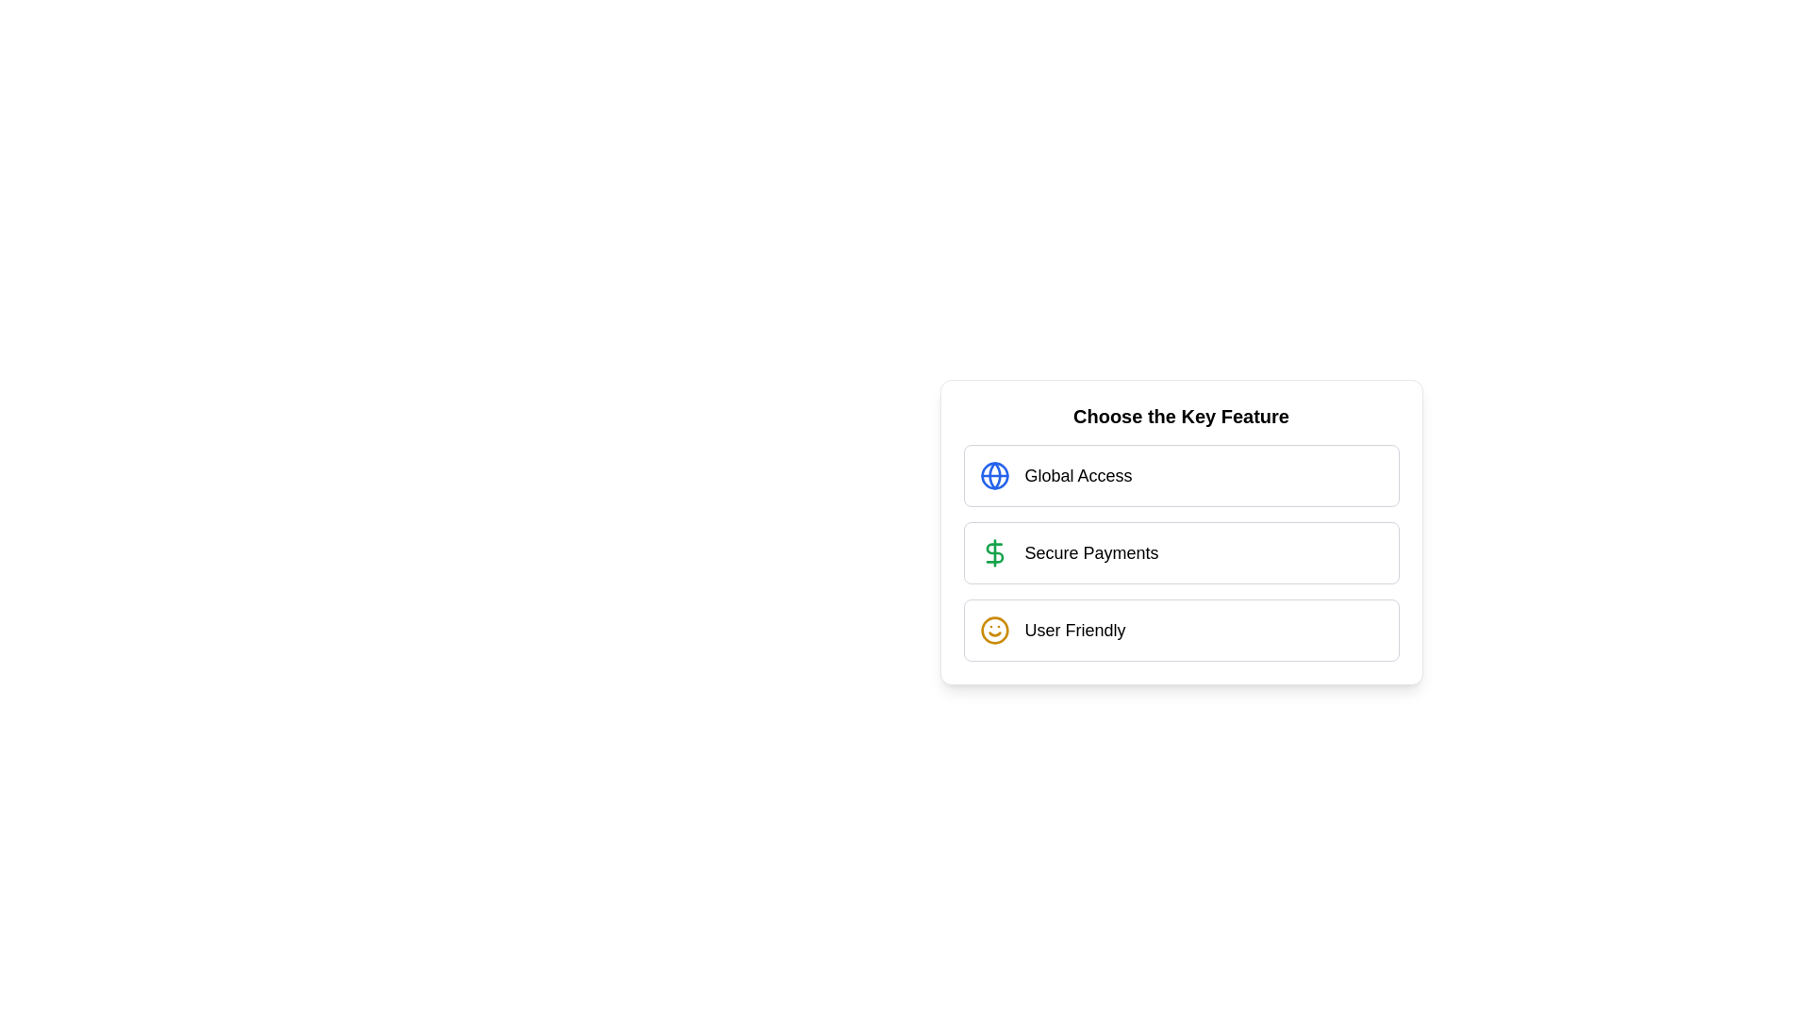 This screenshot has width=1811, height=1018. I want to click on the decorative SVG circle of the smiley icon, which represents the 'User Friendly' feature, located as the third option in the vertical feature selection list, so click(993, 630).